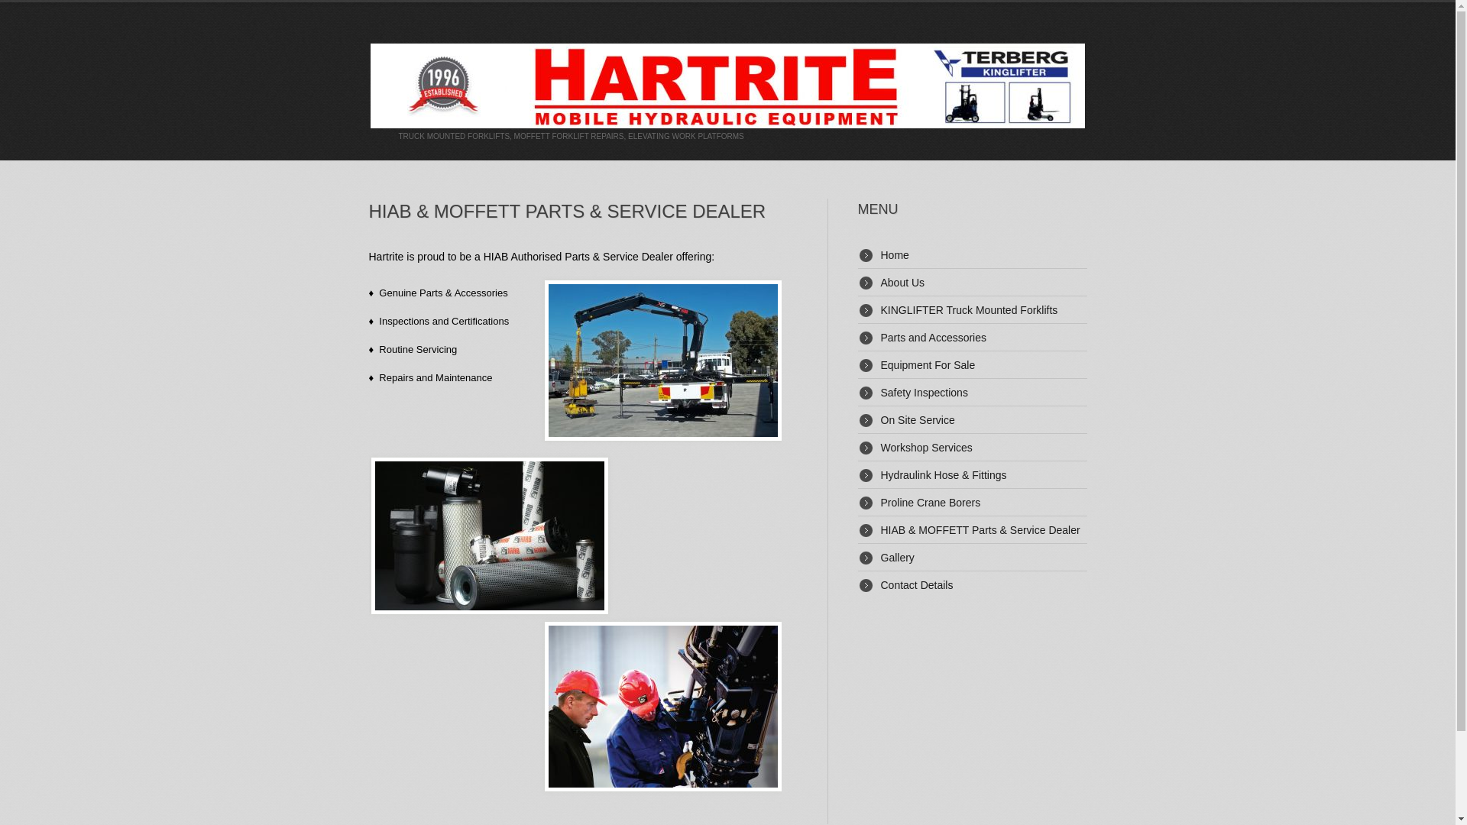 The width and height of the screenshot is (1467, 825). What do you see at coordinates (880, 557) in the screenshot?
I see `'Gallery'` at bounding box center [880, 557].